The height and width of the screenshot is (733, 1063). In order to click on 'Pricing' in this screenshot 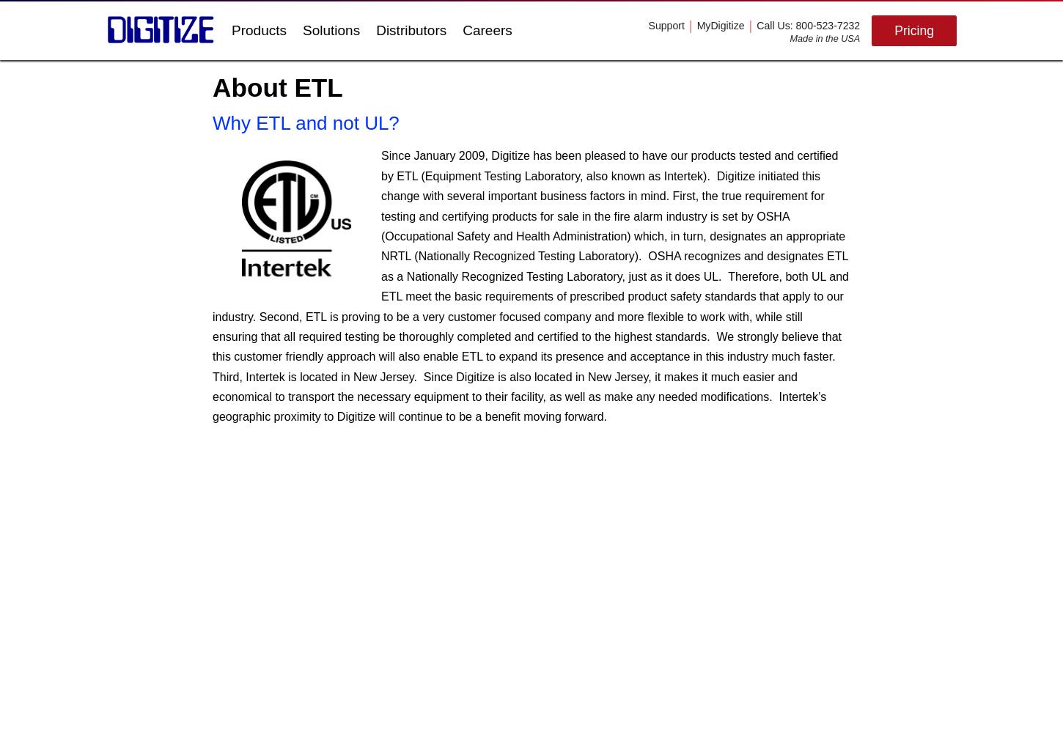, I will do `click(914, 30)`.